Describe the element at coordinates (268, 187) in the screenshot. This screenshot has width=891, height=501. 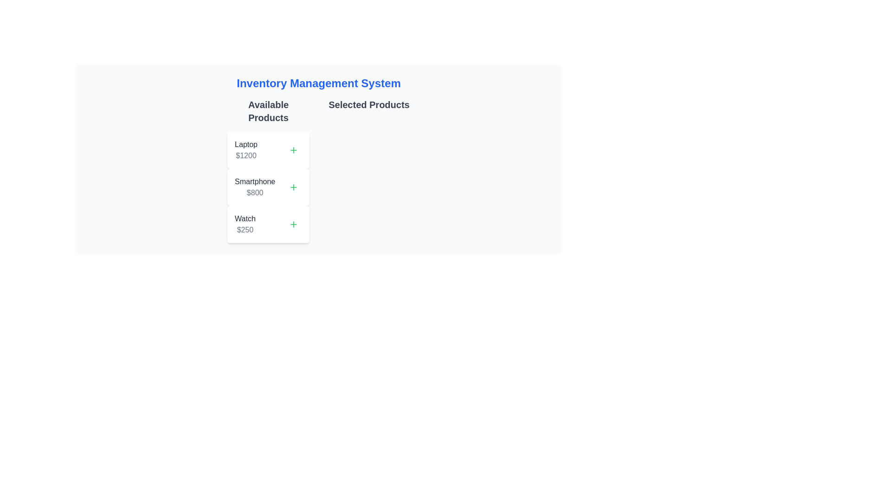
I see `information displayed in the text element showing 'Smartphone $800', which is the second item in the 'Available Products' section` at that location.